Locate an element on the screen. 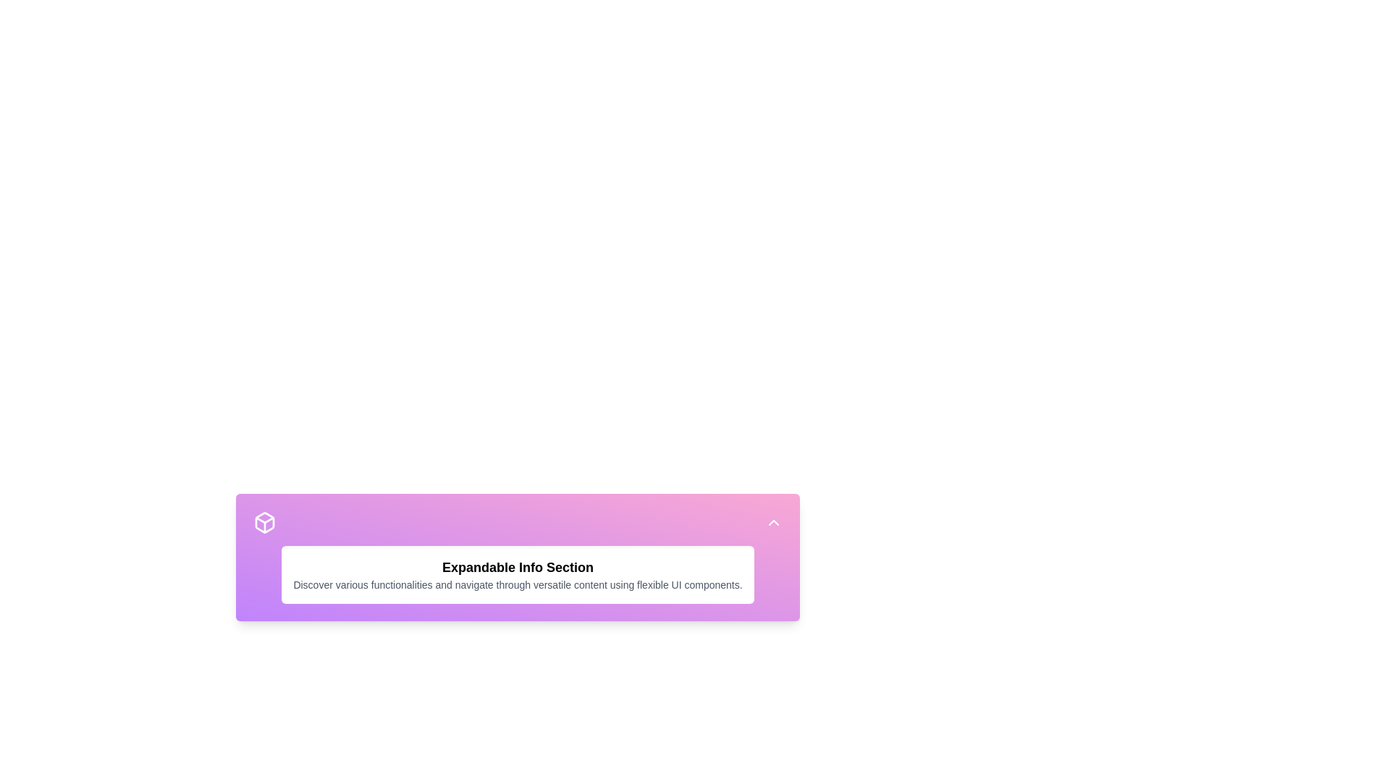 This screenshot has width=1390, height=782. the Text Block that displays contextual guidance, located centrally with a gradient purple-to-pink background, positioned below an icon and above another interactive area is located at coordinates (518, 568).